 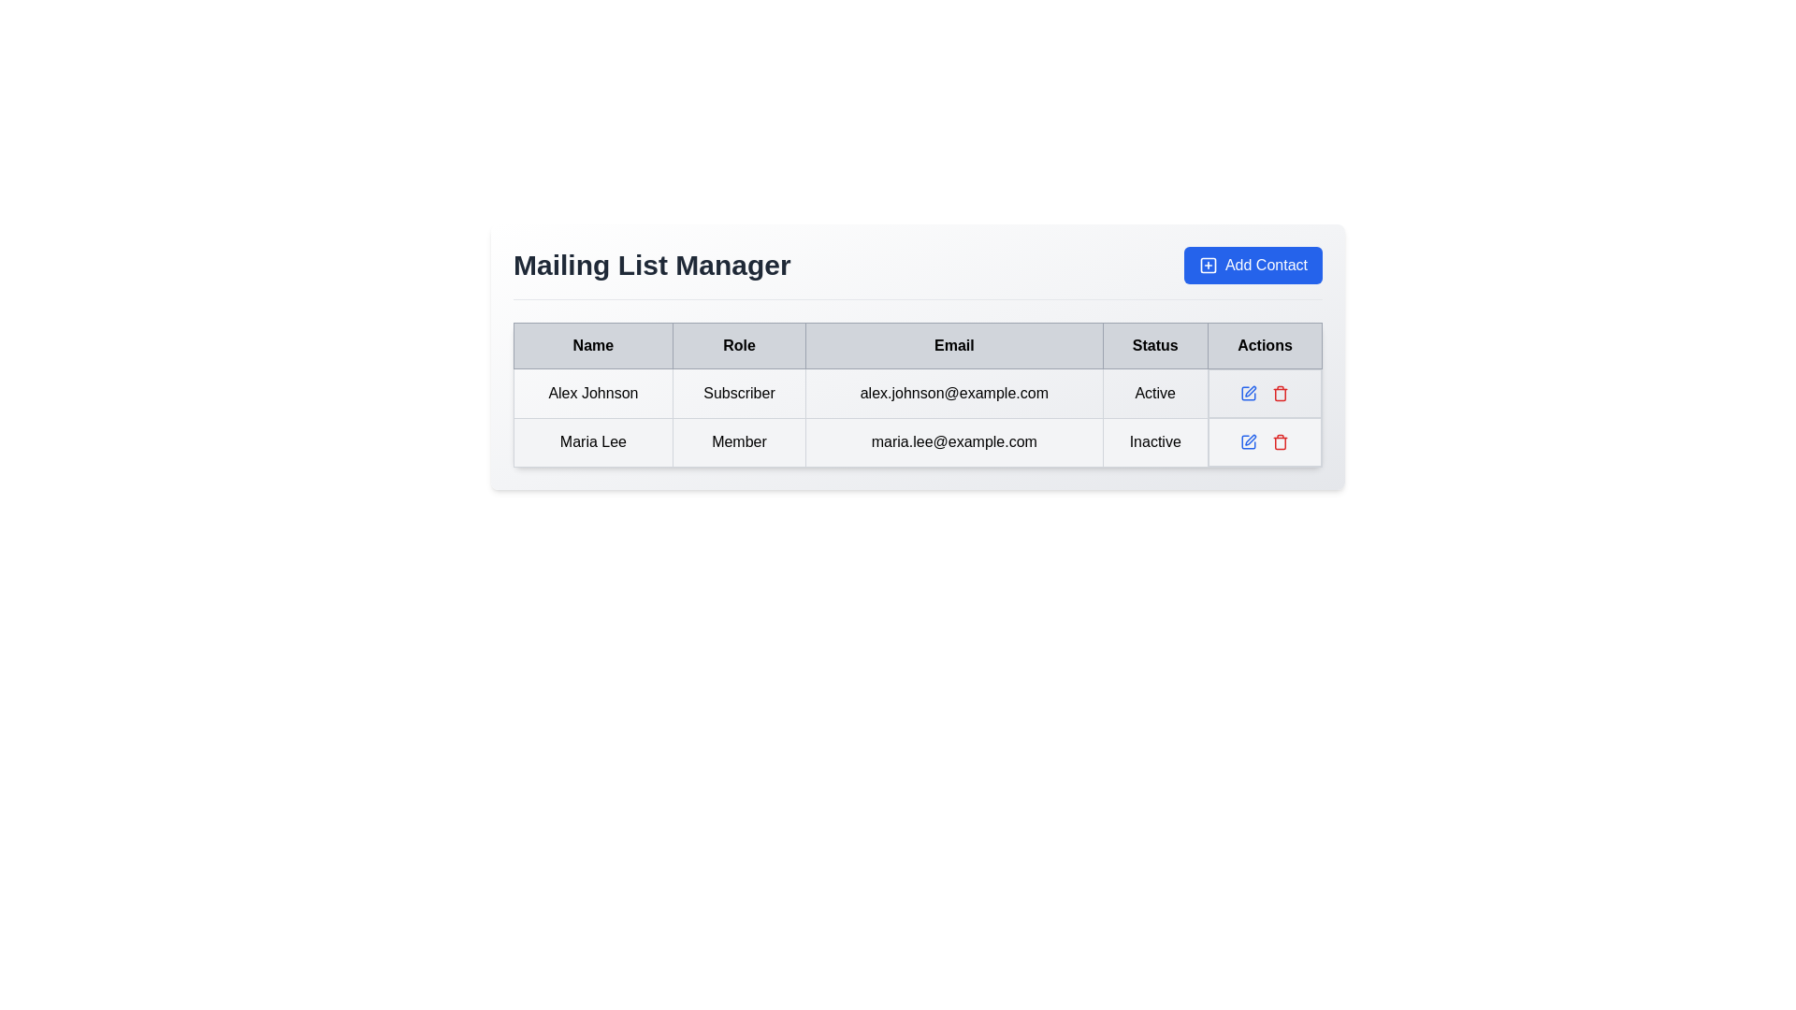 I want to click on the displayed text 'Alex Johnson' in the bordered text cell located in the first row and first column of the table under the 'Name' column header, so click(x=592, y=392).